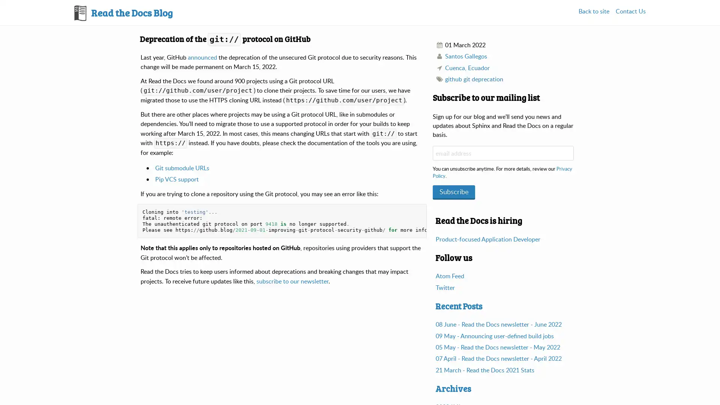  What do you see at coordinates (453, 191) in the screenshot?
I see `Subscribe` at bounding box center [453, 191].